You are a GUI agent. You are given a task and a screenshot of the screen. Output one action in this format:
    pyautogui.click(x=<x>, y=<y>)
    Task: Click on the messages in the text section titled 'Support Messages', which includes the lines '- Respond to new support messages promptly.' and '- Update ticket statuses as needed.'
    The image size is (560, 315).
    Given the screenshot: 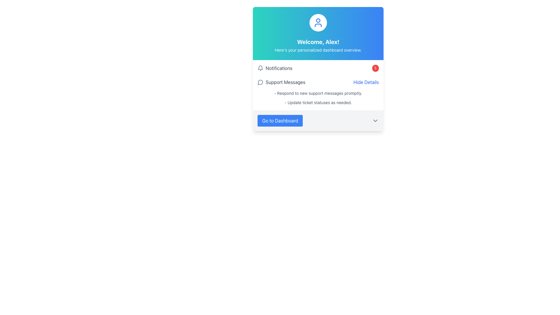 What is the action you would take?
    pyautogui.click(x=318, y=97)
    